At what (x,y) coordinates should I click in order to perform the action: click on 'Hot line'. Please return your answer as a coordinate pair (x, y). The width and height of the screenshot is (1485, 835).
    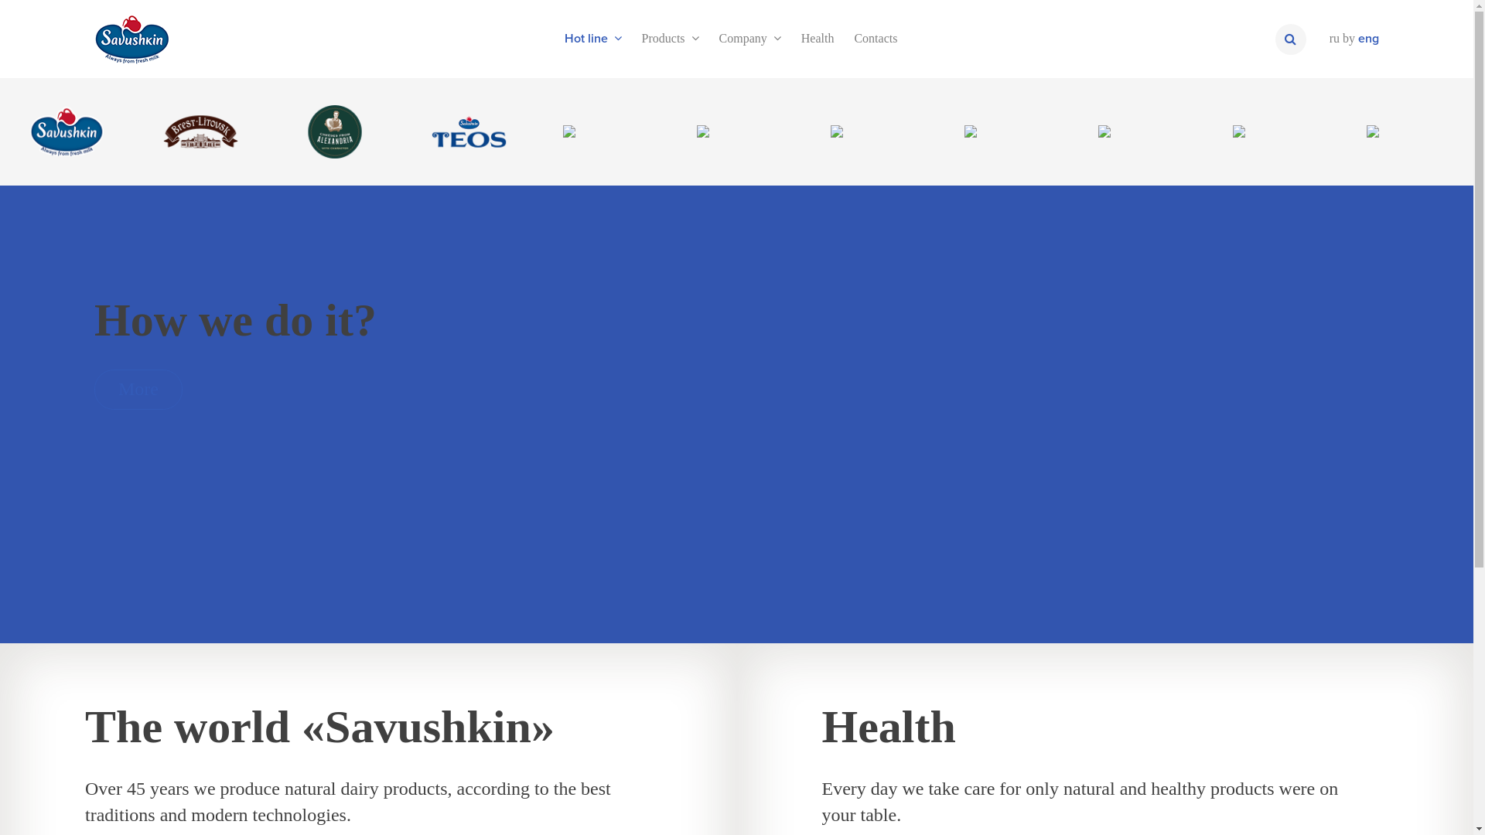
    Looking at the image, I should click on (592, 38).